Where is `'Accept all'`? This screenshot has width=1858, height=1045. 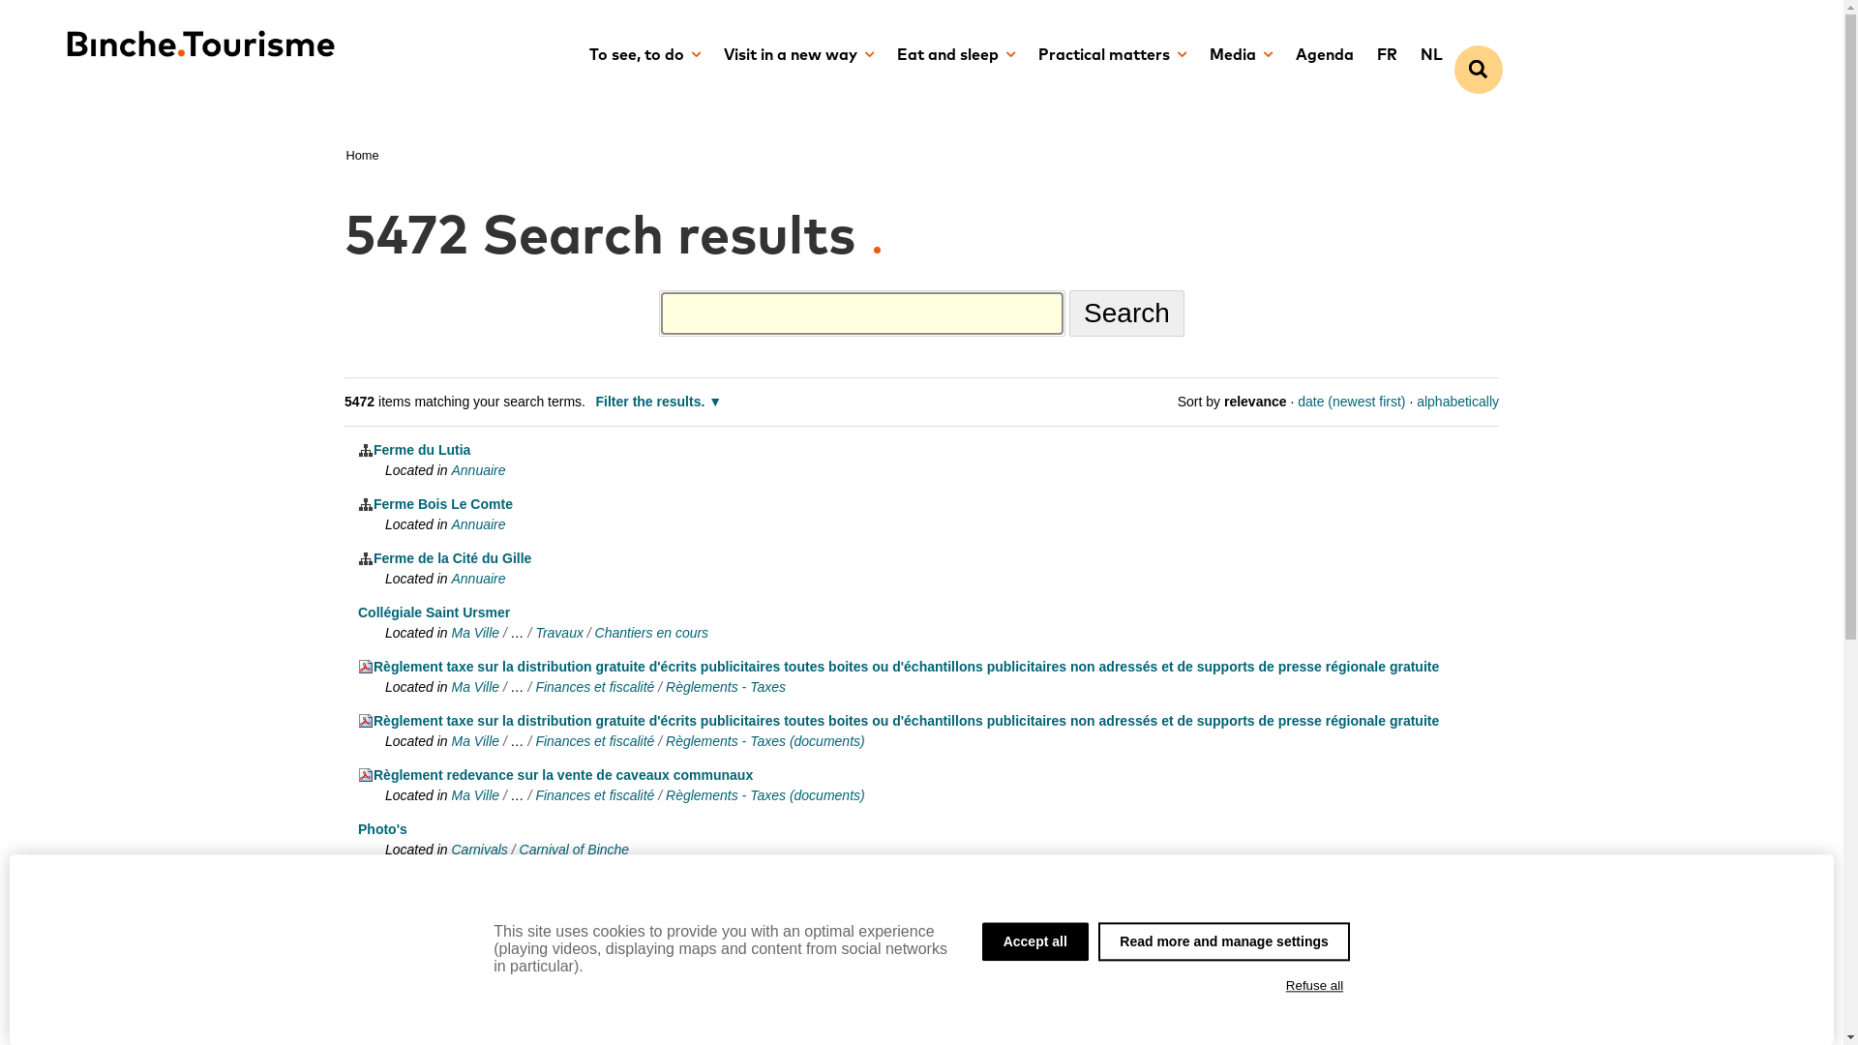 'Accept all' is located at coordinates (981, 940).